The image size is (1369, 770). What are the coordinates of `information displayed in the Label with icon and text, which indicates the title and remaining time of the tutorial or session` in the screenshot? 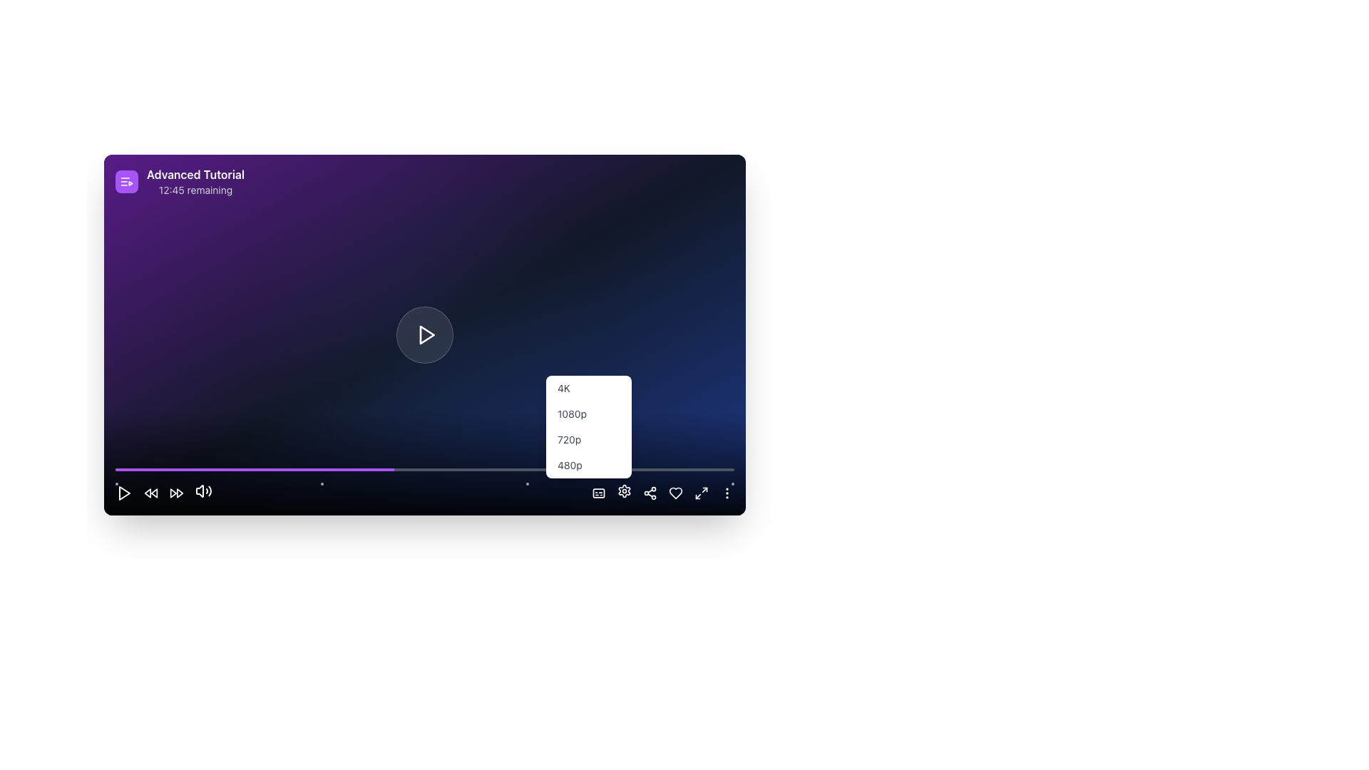 It's located at (179, 180).